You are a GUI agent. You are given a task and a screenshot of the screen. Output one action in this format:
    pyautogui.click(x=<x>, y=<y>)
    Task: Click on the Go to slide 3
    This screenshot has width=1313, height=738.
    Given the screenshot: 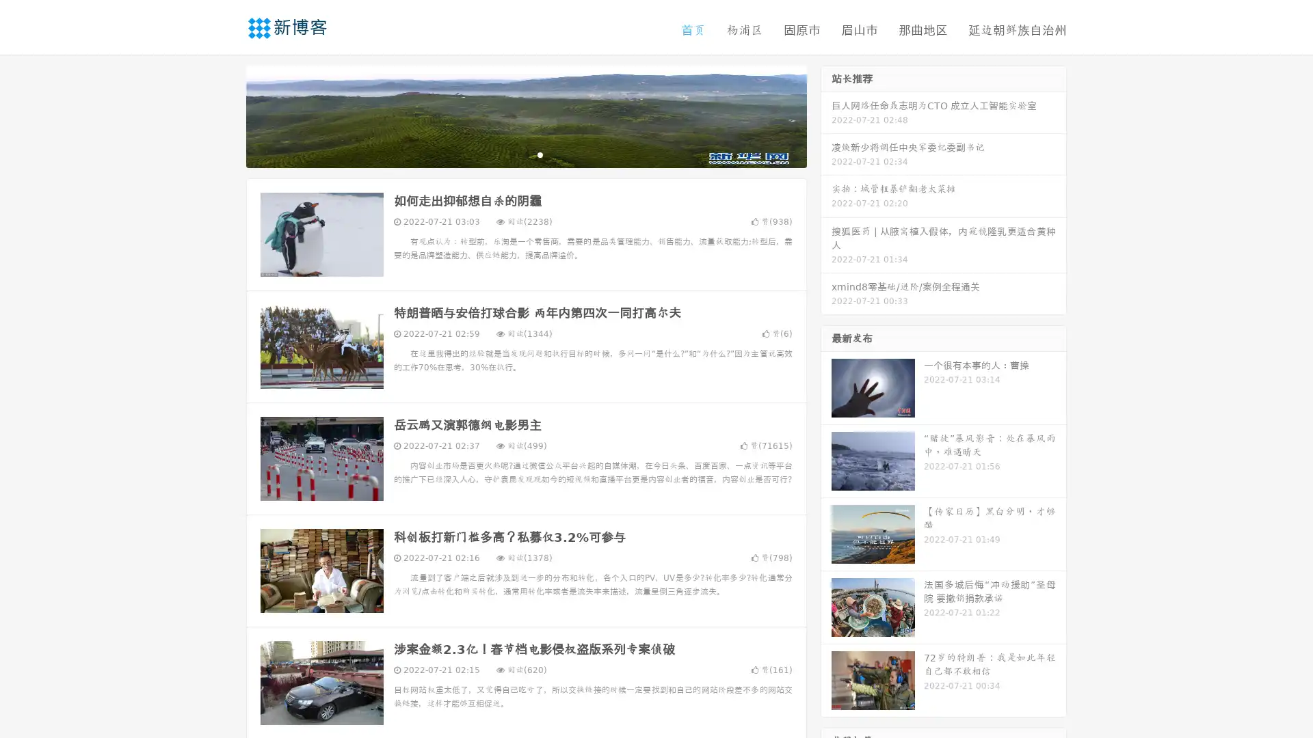 What is the action you would take?
    pyautogui.click(x=540, y=154)
    